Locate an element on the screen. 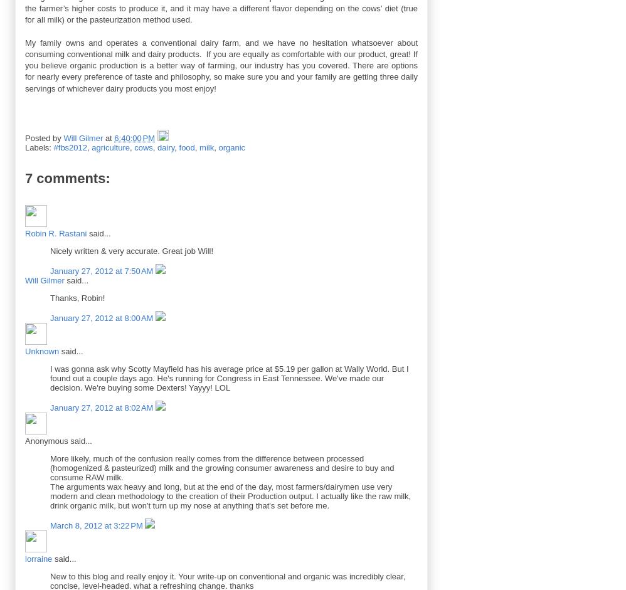  'More likely, much of the confusion really comes from the difference between processed (homogenized & pasteurized) milk and the growing consumer awareness and desire to buy and consume RAW milk.' is located at coordinates (221, 467).